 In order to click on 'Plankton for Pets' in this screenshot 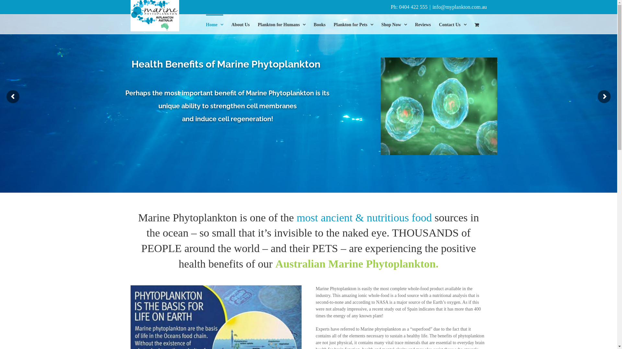, I will do `click(353, 24)`.